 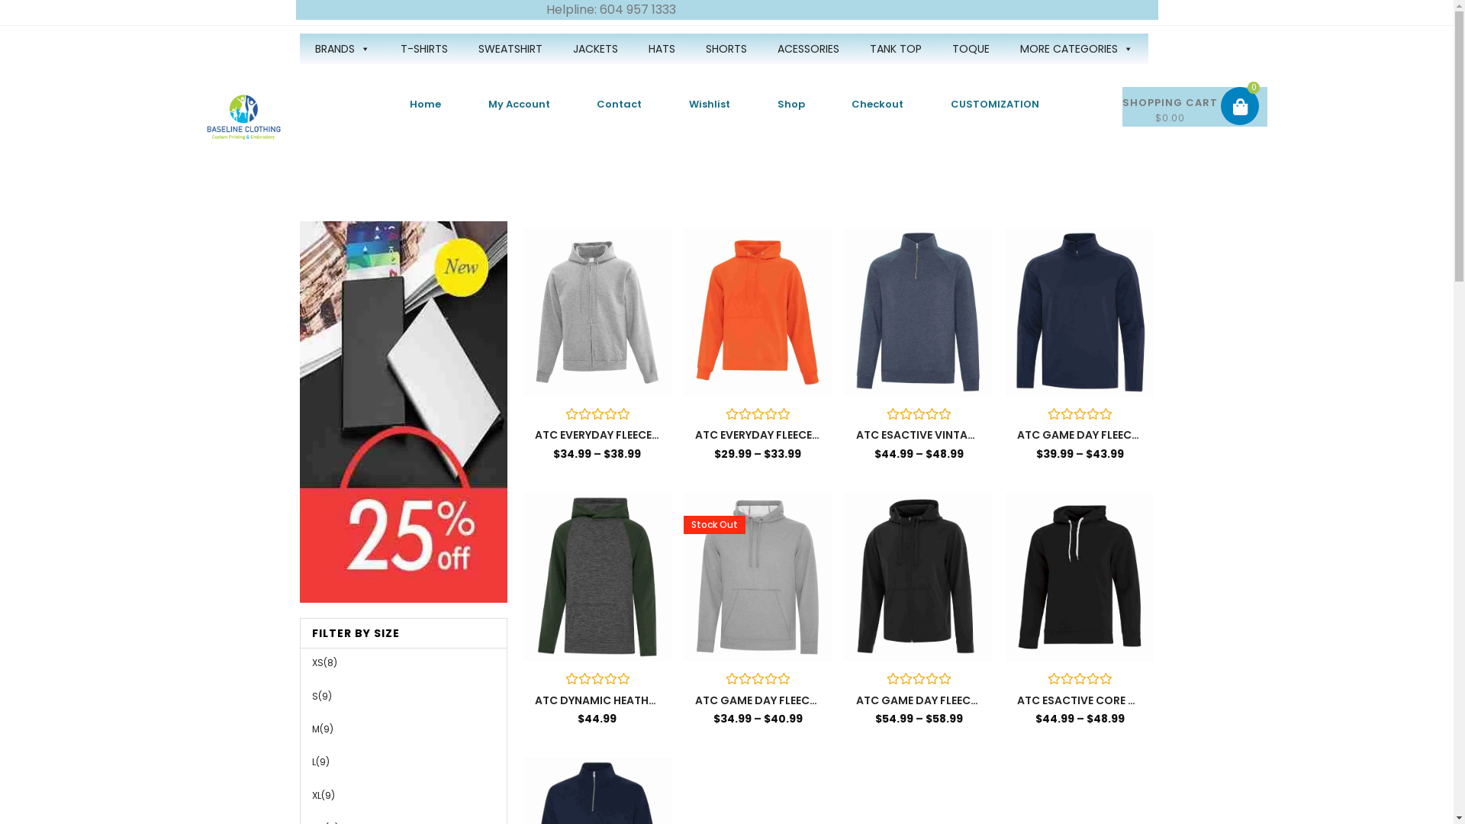 What do you see at coordinates (425, 104) in the screenshot?
I see `'Home'` at bounding box center [425, 104].